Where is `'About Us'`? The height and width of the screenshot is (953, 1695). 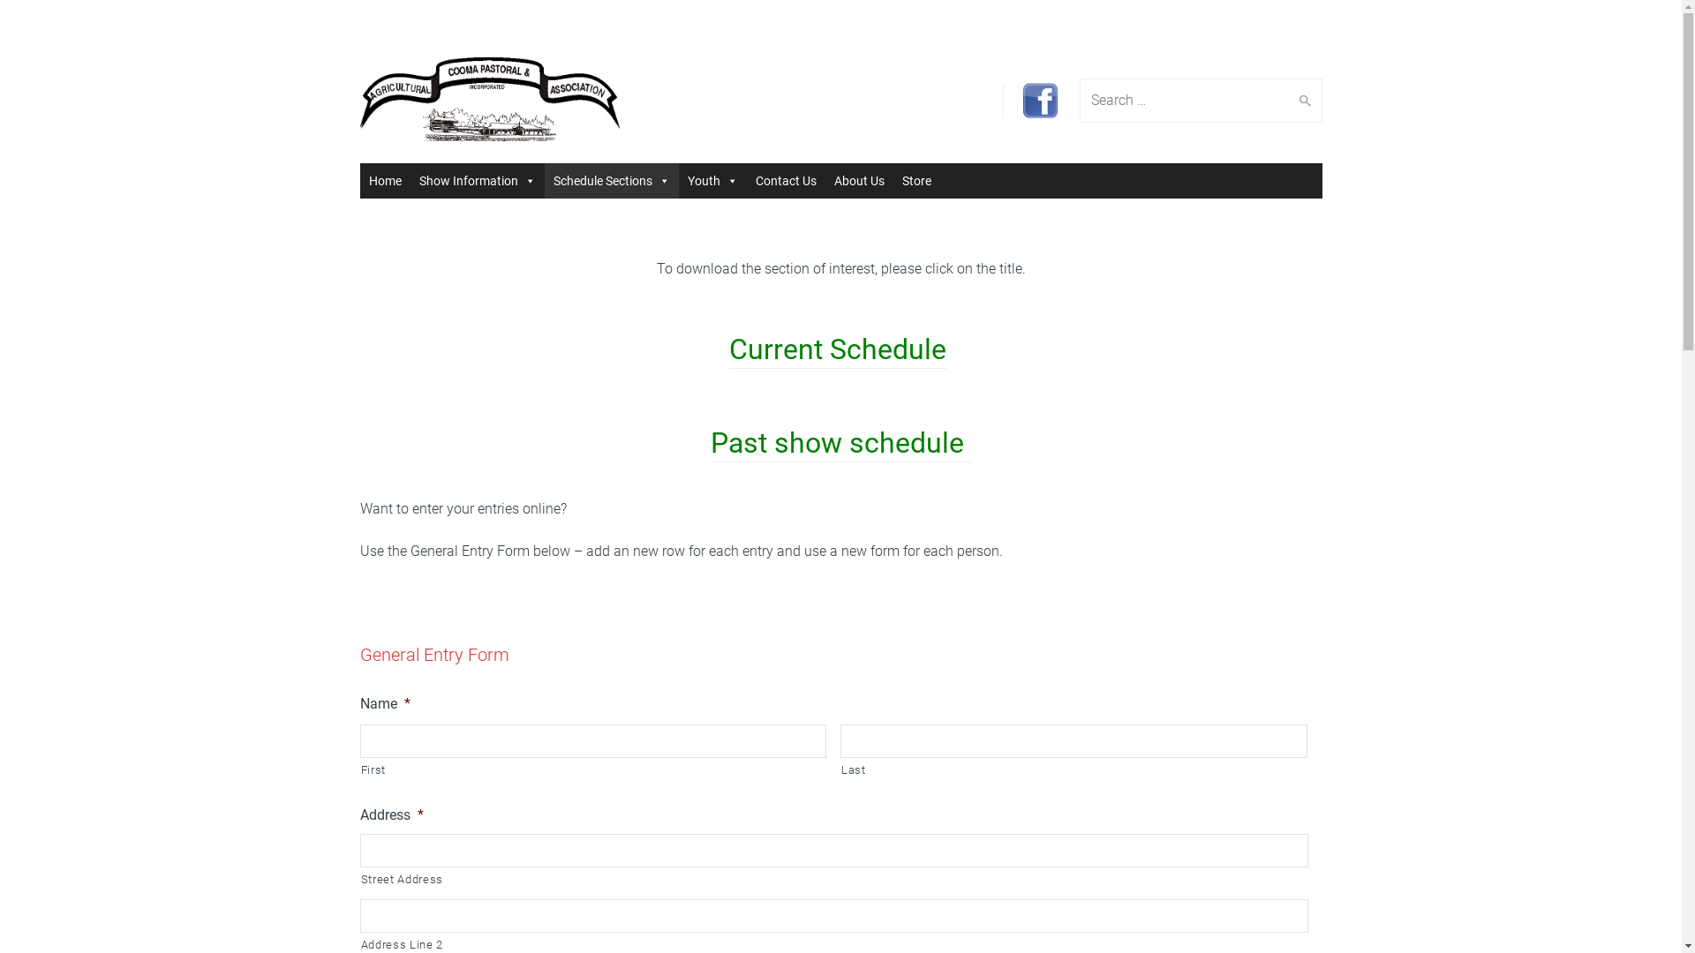
'About Us' is located at coordinates (858, 180).